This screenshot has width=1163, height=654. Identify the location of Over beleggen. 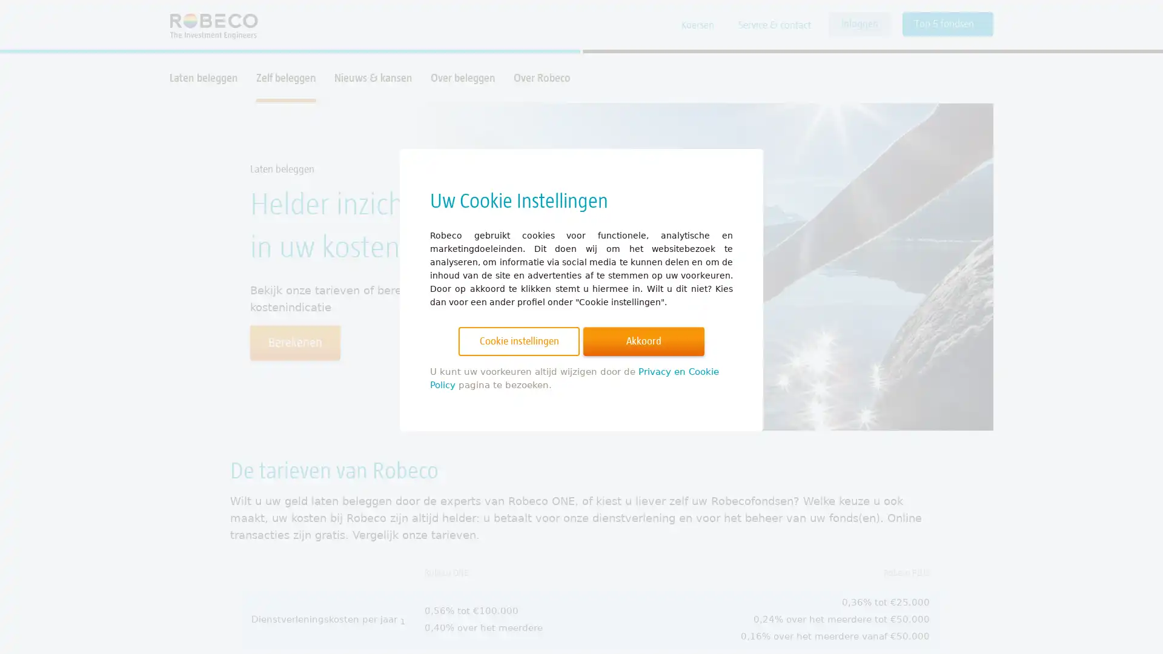
(462, 78).